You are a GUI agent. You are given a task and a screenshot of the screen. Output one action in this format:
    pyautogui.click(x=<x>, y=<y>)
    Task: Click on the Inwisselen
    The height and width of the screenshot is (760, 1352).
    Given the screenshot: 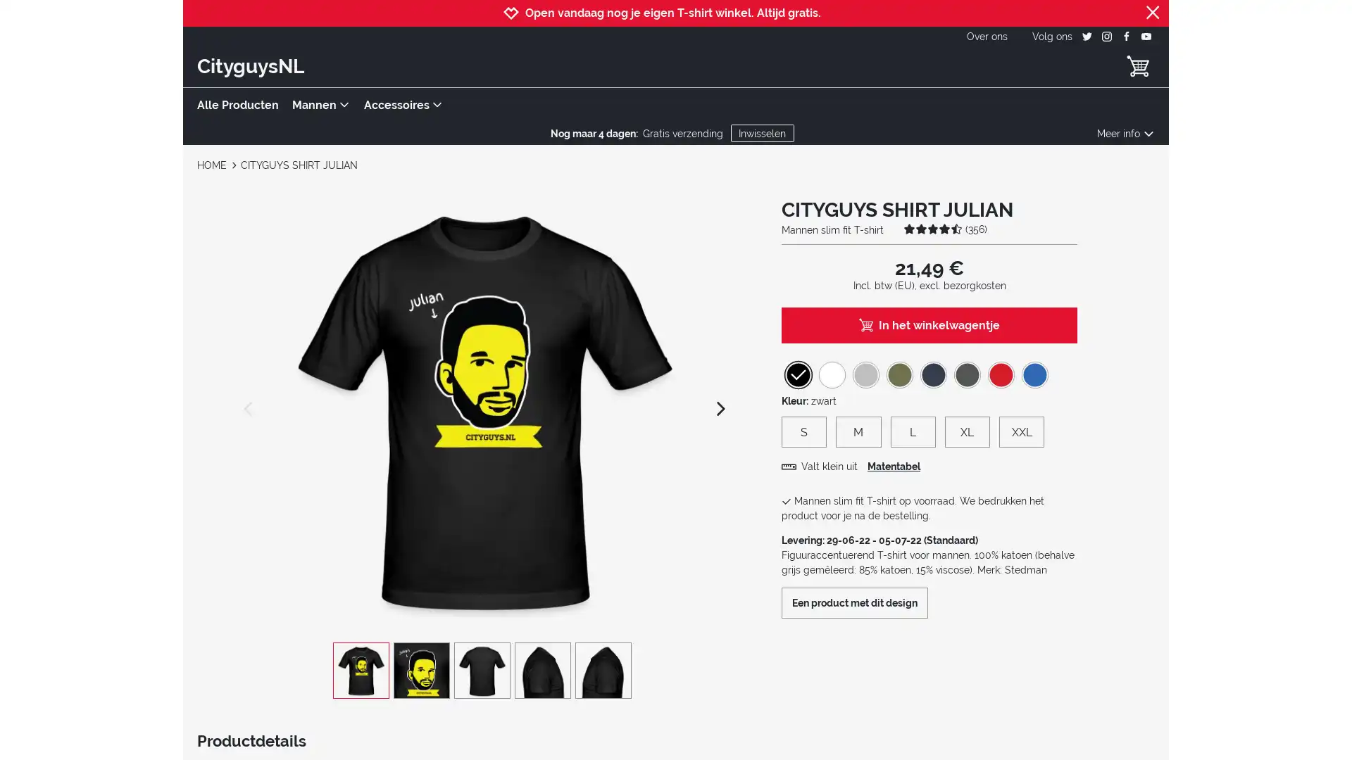 What is the action you would take?
    pyautogui.click(x=760, y=133)
    